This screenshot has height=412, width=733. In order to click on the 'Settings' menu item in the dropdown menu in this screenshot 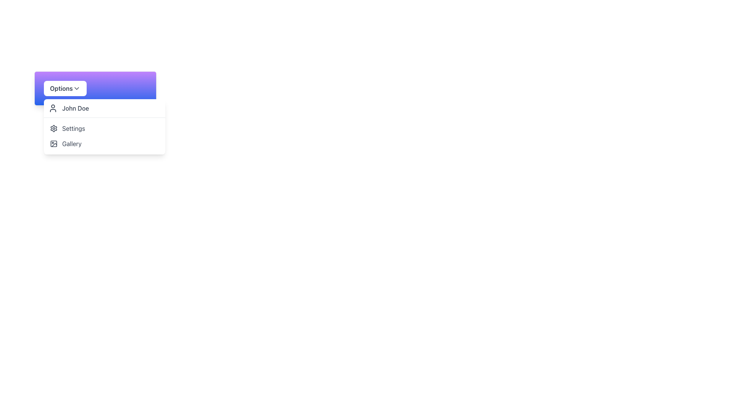, I will do `click(104, 128)`.